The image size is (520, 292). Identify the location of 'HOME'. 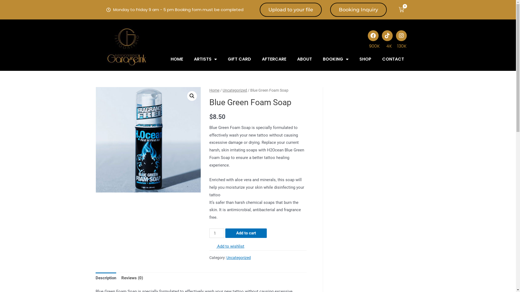
(177, 59).